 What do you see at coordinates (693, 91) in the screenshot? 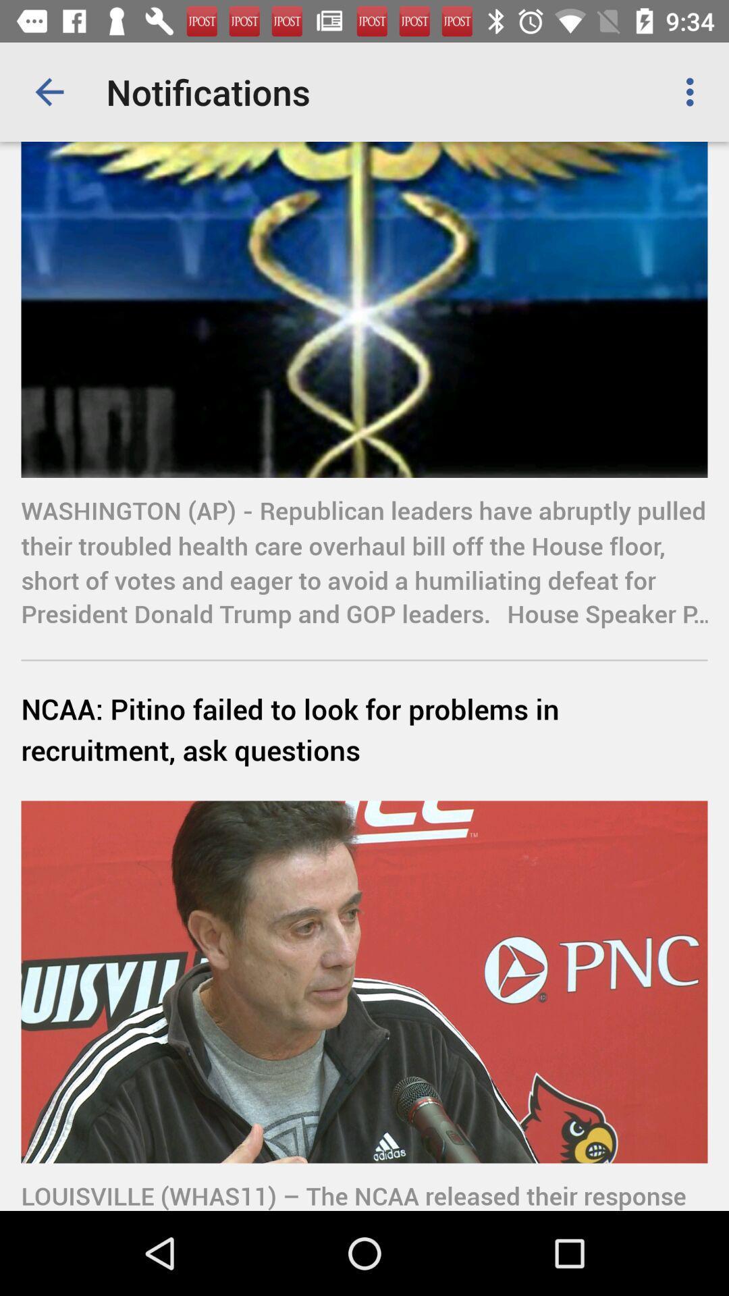
I see `the icon at the top right corner` at bounding box center [693, 91].